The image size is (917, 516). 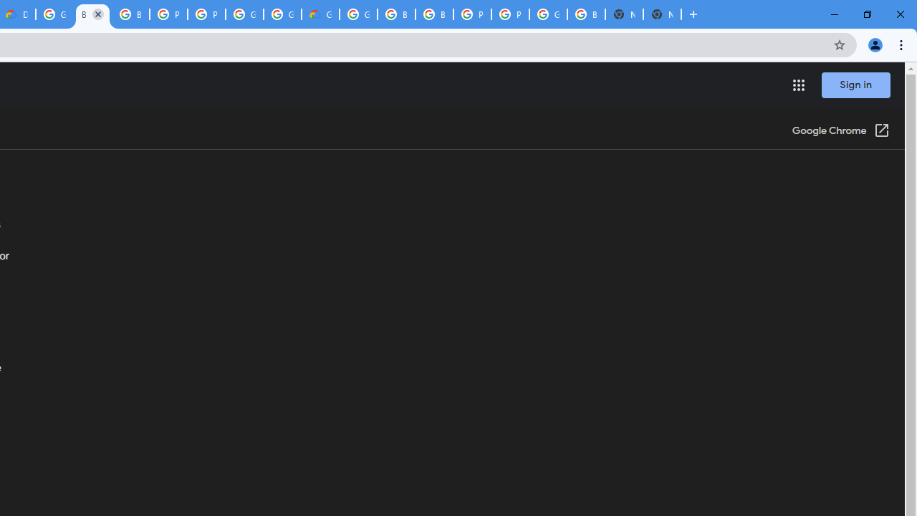 What do you see at coordinates (661, 14) in the screenshot?
I see `'New Tab'` at bounding box center [661, 14].